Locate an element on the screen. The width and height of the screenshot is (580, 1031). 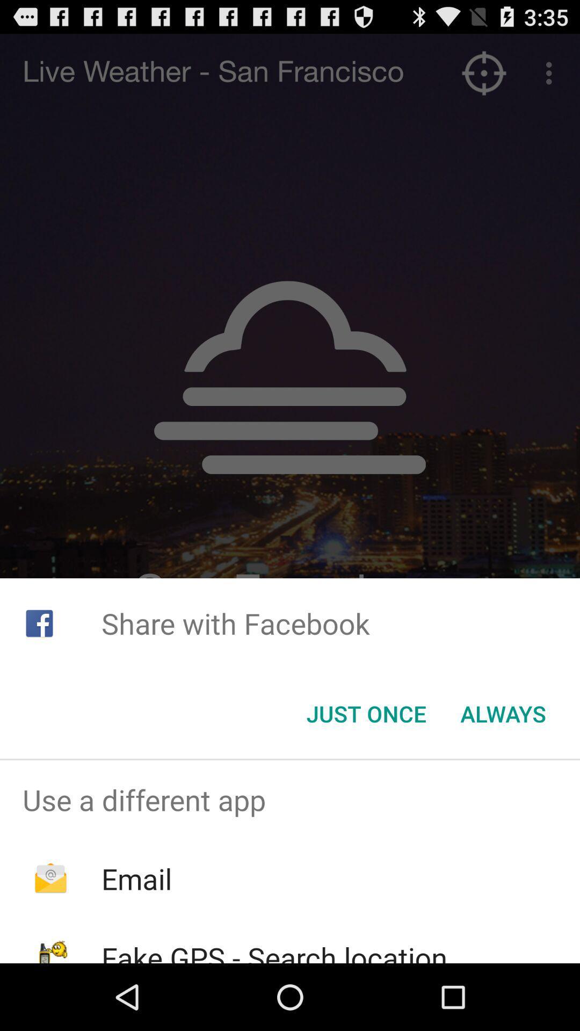
icon next to the just once button is located at coordinates (503, 714).